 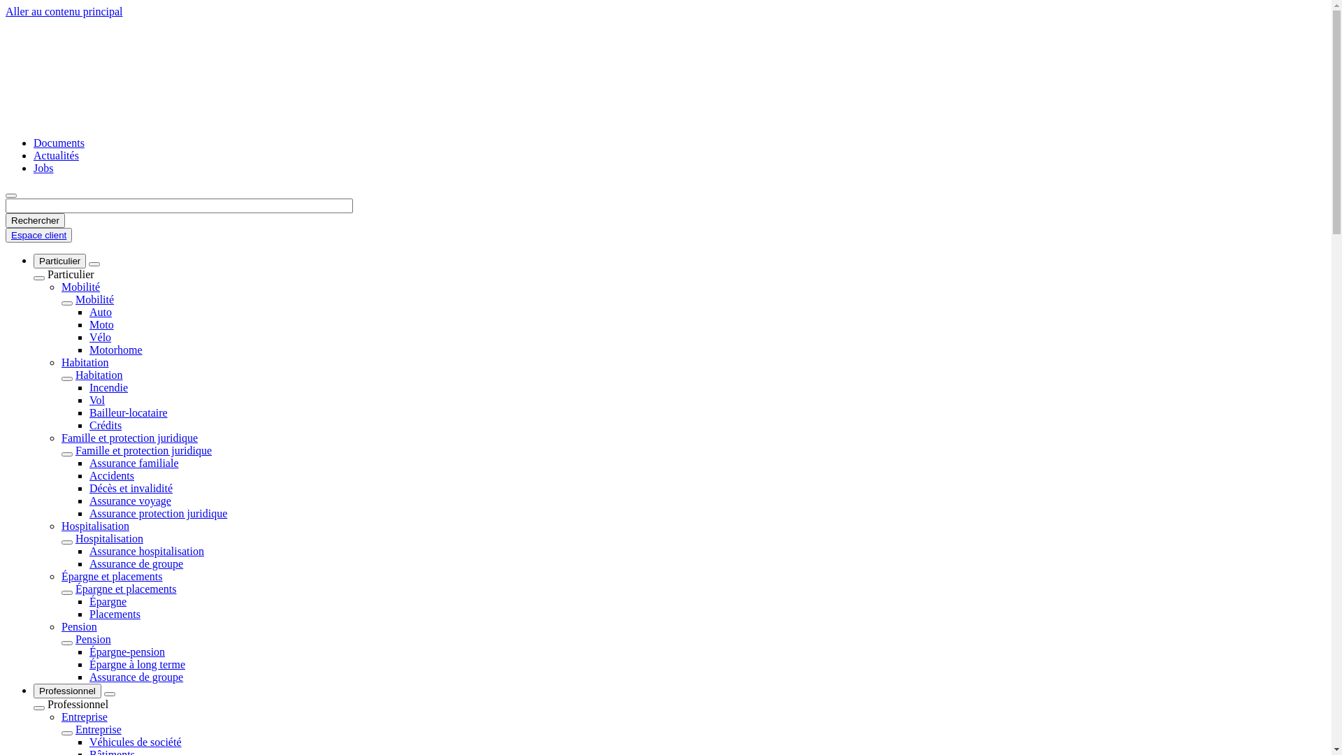 I want to click on 'Incendie', so click(x=108, y=387).